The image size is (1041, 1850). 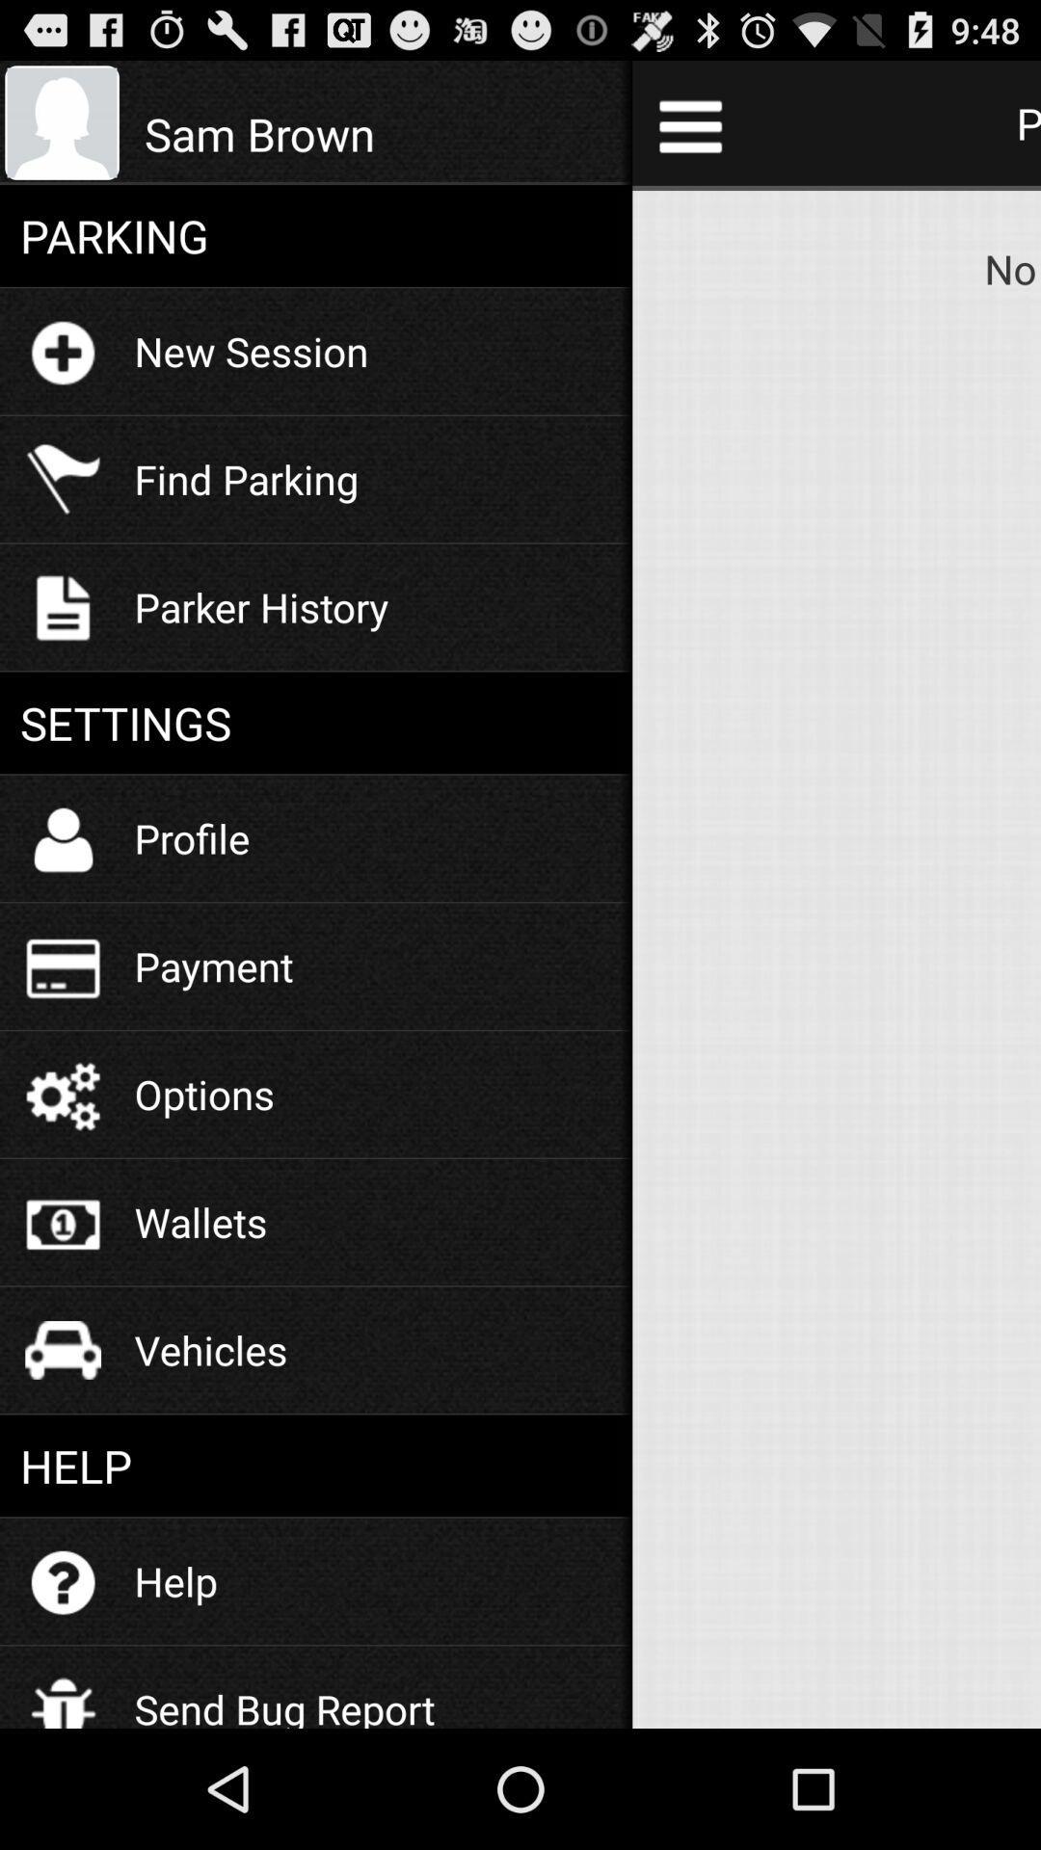 What do you see at coordinates (251, 351) in the screenshot?
I see `the icon below the parking item` at bounding box center [251, 351].